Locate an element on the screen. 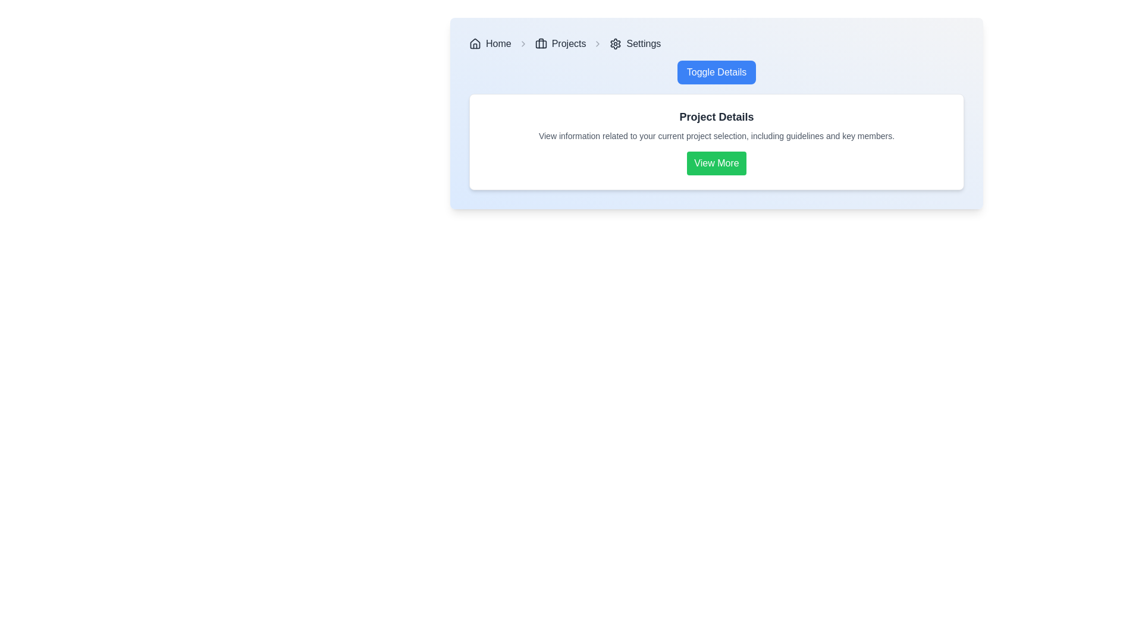 The width and height of the screenshot is (1142, 642). the 'Home' icon in the breadcrumb navigation bar, located on the leftmost side next to the textual label 'Home' is located at coordinates (474, 43).